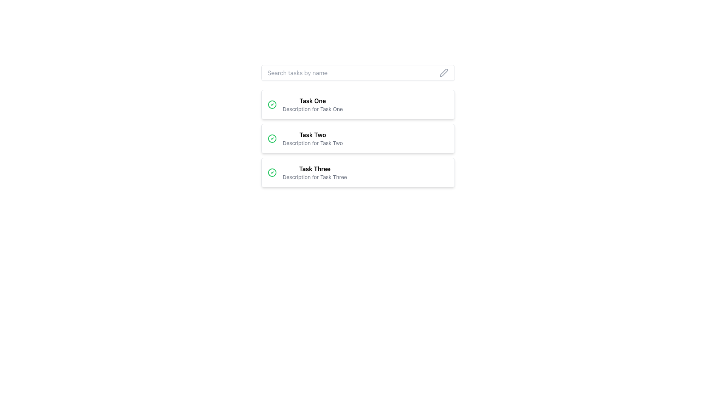 This screenshot has height=408, width=726. I want to click on the text label displaying 'Description for Task One', which is located below the title 'Task One' in the first card of the vertically stacked list, so click(313, 109).